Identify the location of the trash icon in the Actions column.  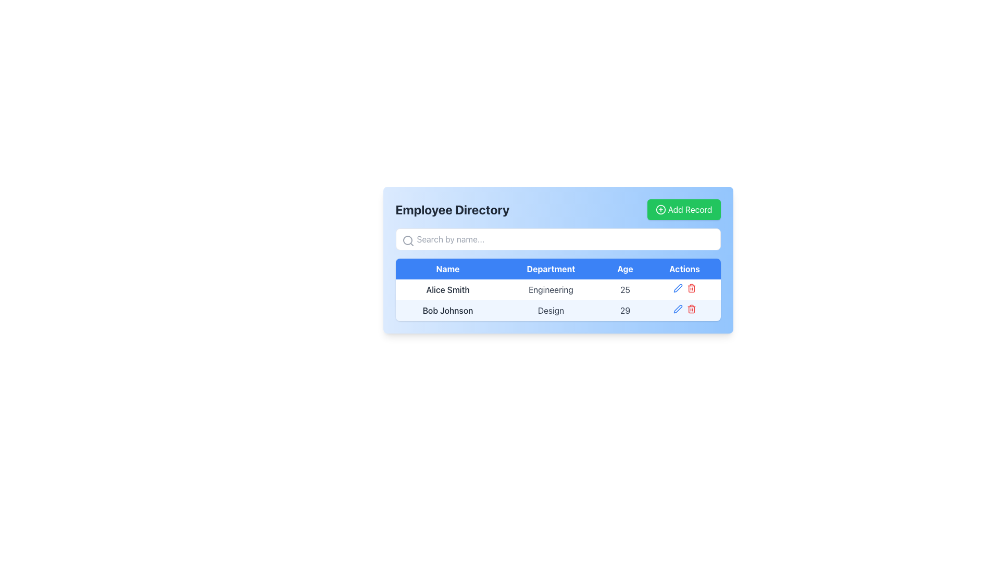
(691, 309).